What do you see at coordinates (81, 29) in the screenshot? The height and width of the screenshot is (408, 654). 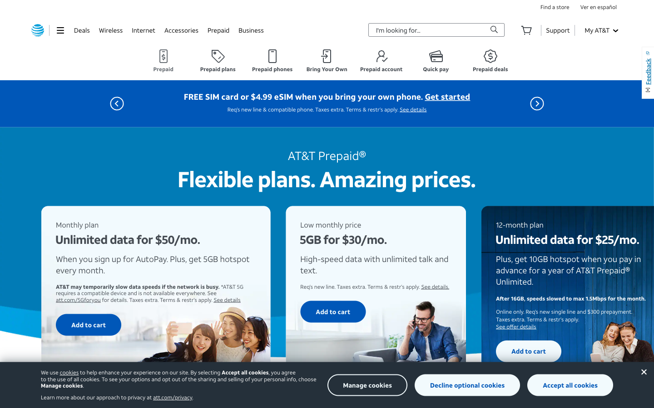 I see `offers page` at bounding box center [81, 29].